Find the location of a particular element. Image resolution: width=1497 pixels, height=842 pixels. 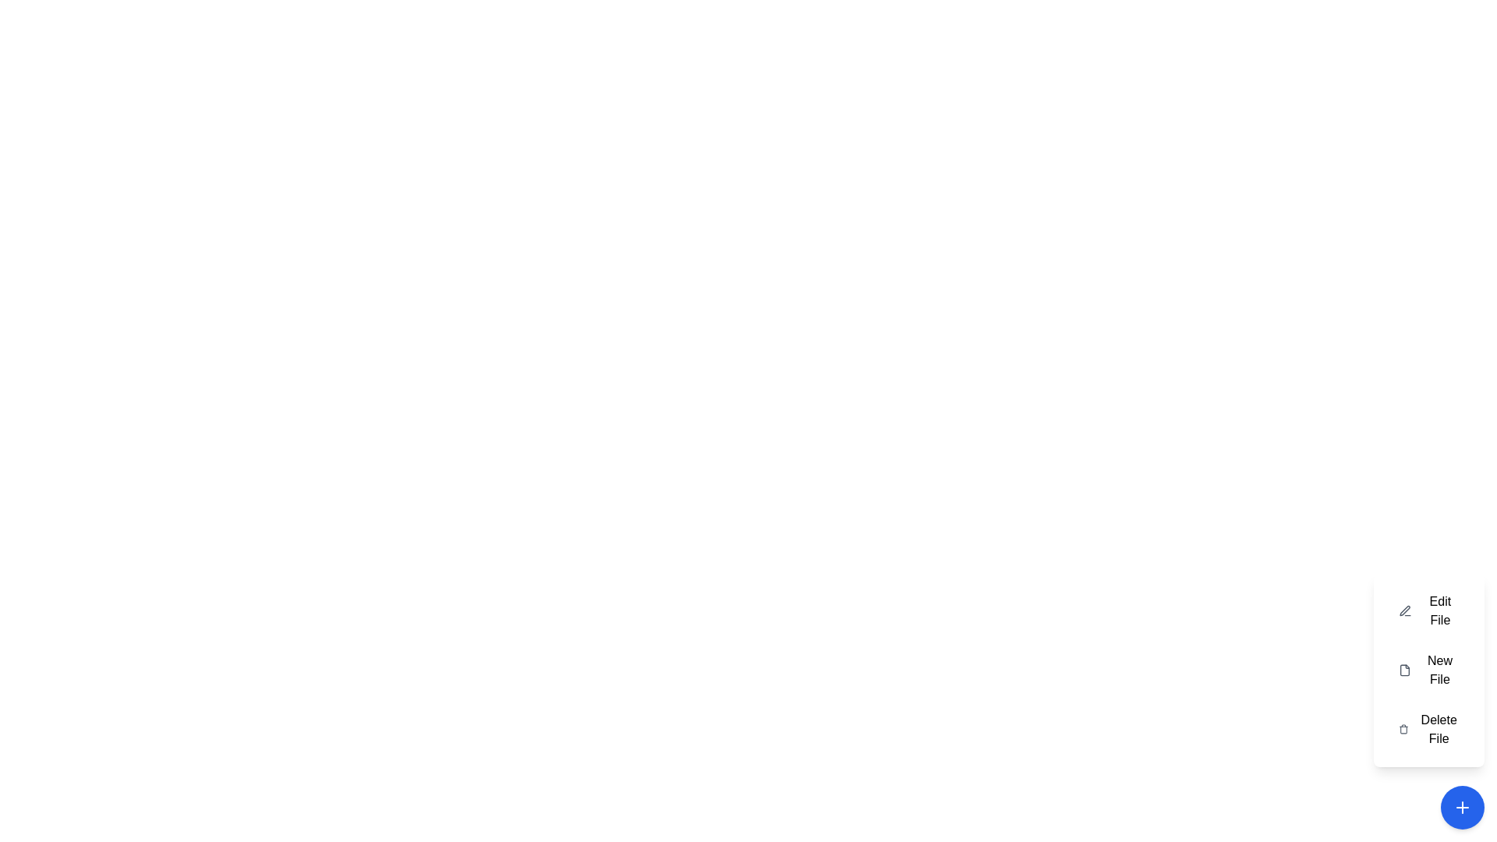

on the trash can icon at the bottom of the 'Delete File' section in the vertical menu is located at coordinates (1403, 730).